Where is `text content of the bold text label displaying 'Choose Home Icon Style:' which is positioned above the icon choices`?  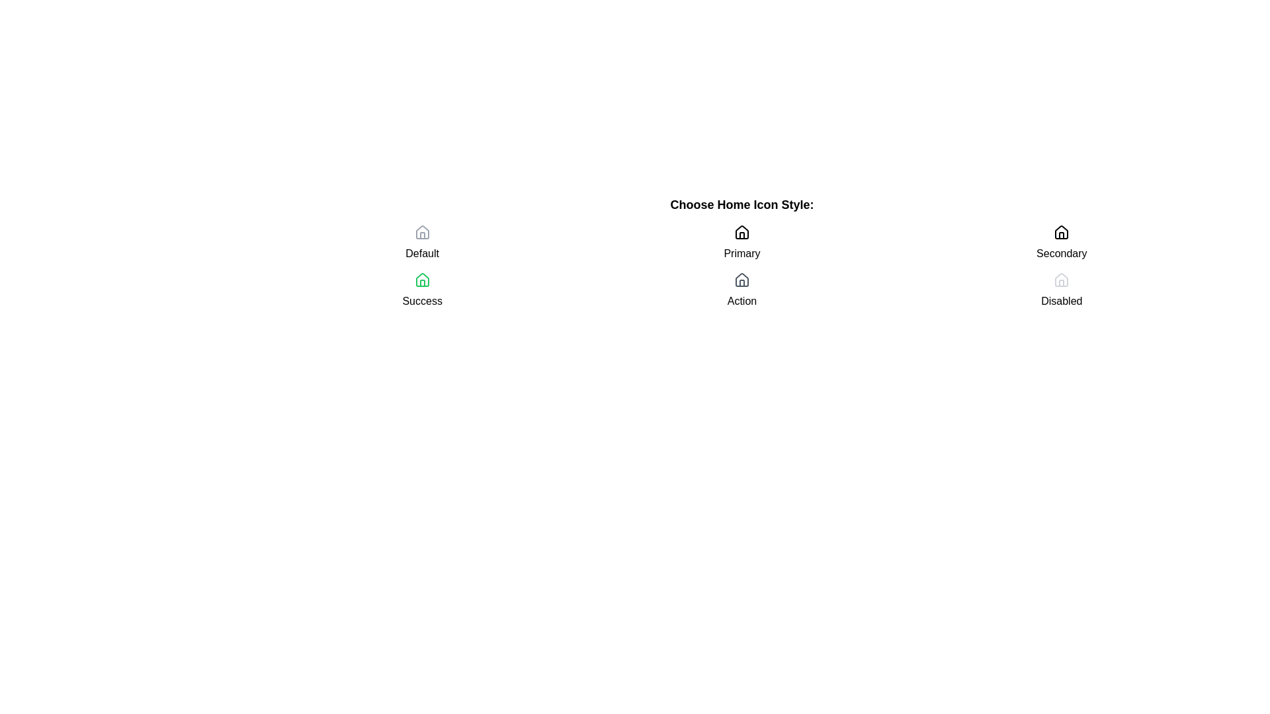
text content of the bold text label displaying 'Choose Home Icon Style:' which is positioned above the icon choices is located at coordinates (742, 204).